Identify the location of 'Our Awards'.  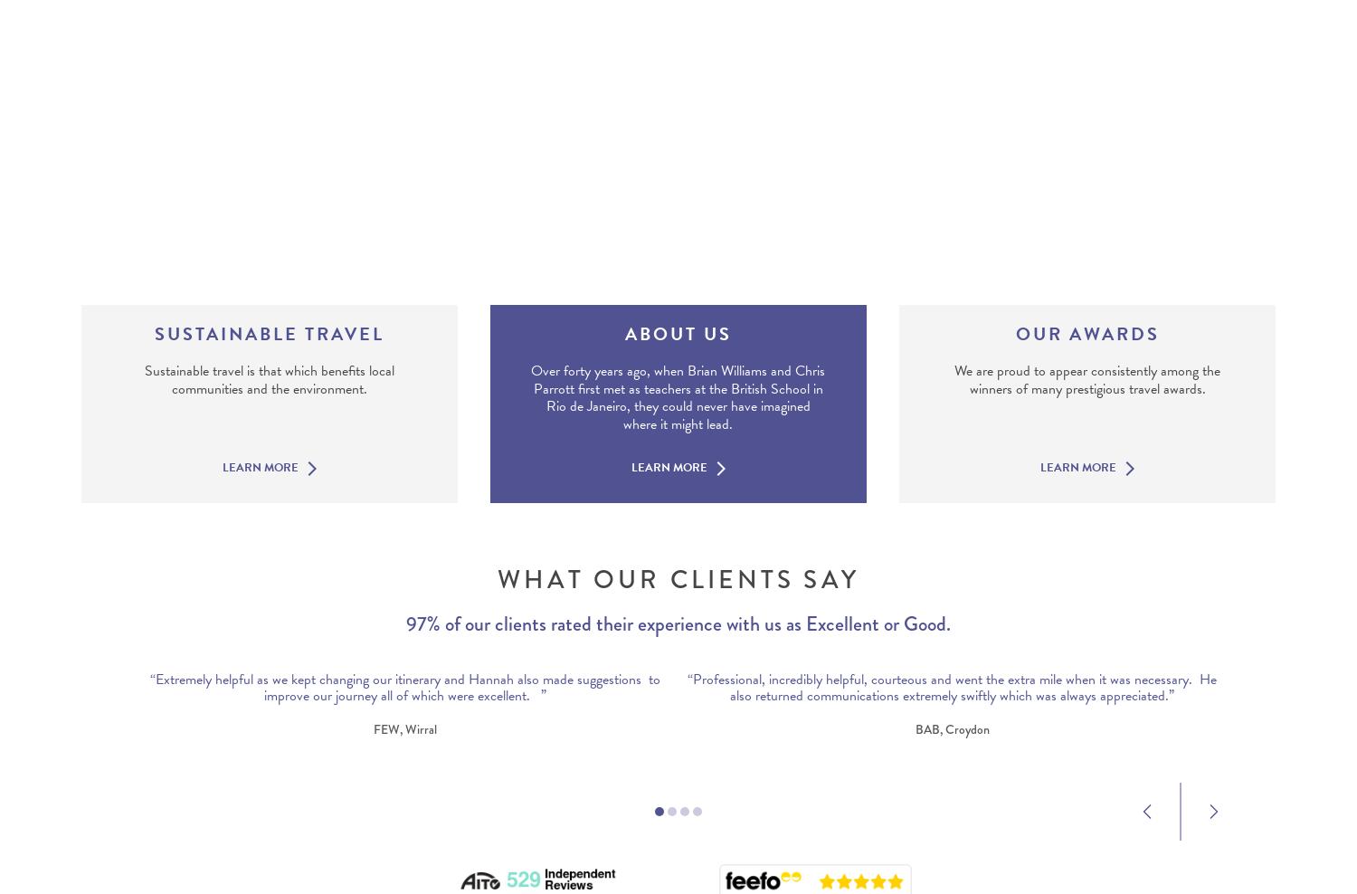
(1086, 333).